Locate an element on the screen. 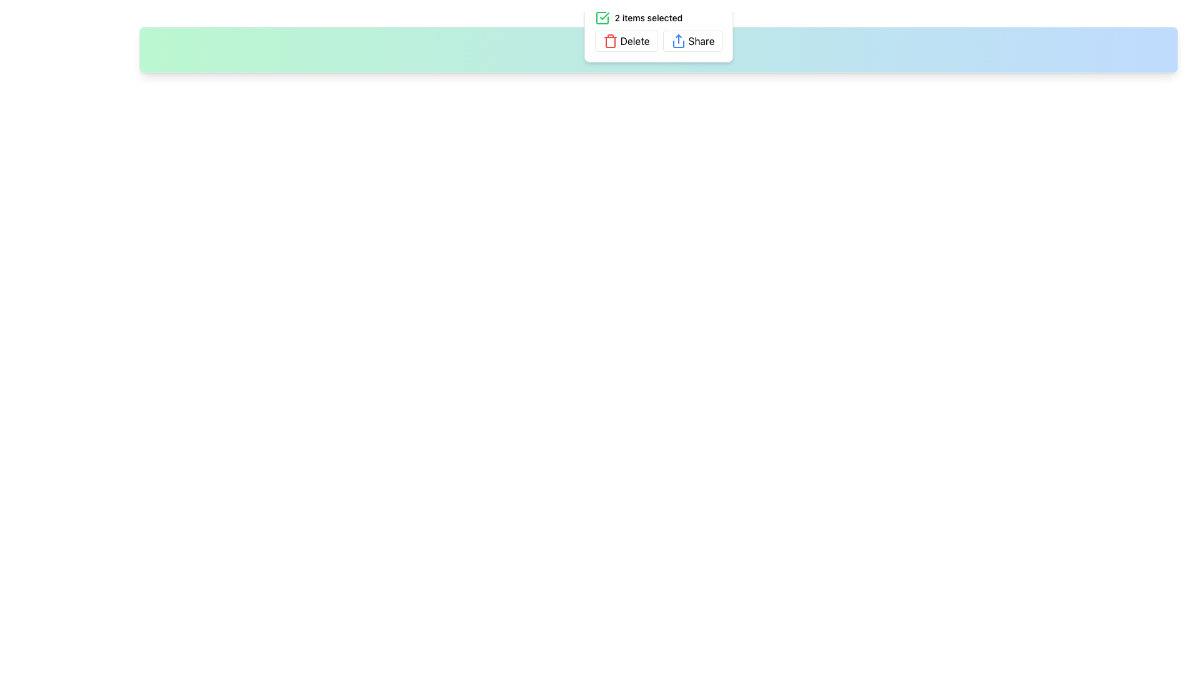 The image size is (1200, 675). displayed text of the Text Label showing '2 items selected', which is positioned to the right of a green icon is located at coordinates (648, 18).